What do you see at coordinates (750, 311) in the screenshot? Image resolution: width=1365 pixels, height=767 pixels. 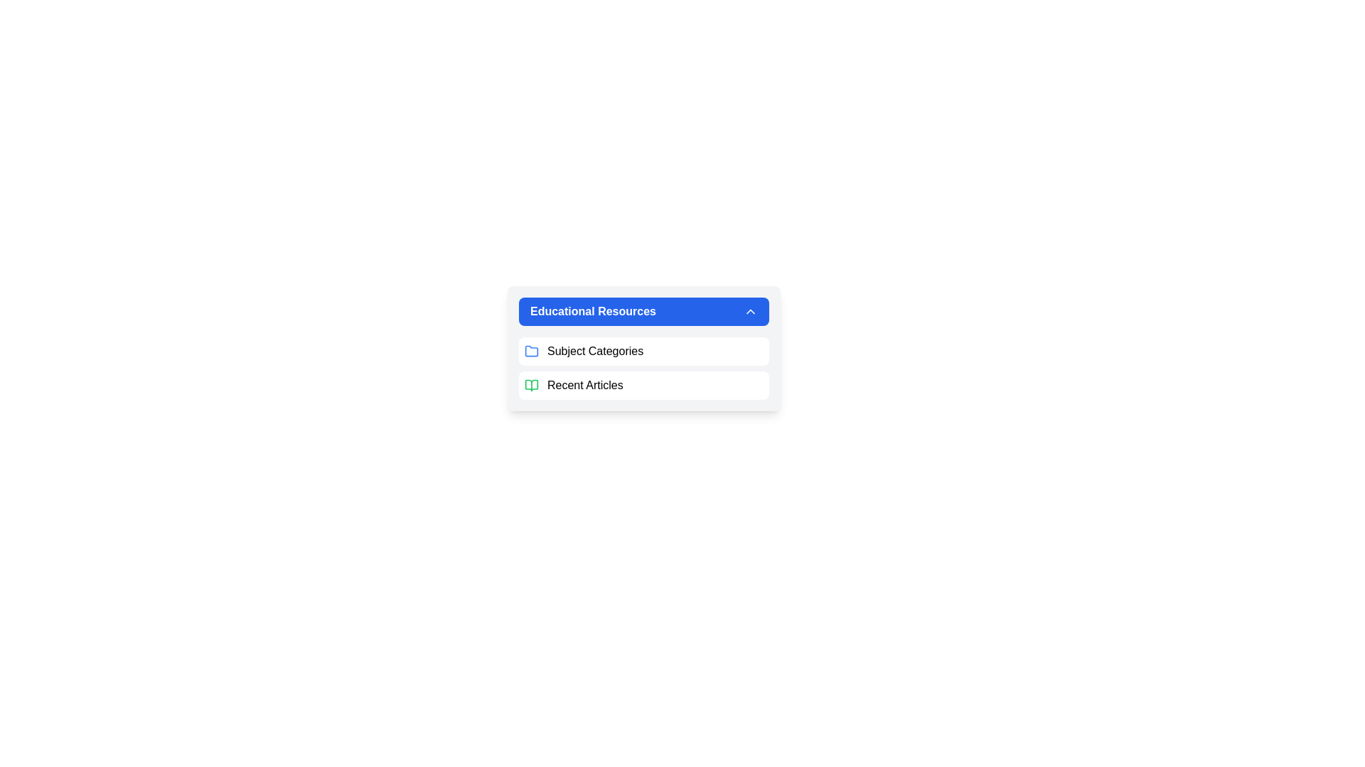 I see `the chevron icon located in the top-right corner of the blue bar labeled 'Educational Resources'` at bounding box center [750, 311].